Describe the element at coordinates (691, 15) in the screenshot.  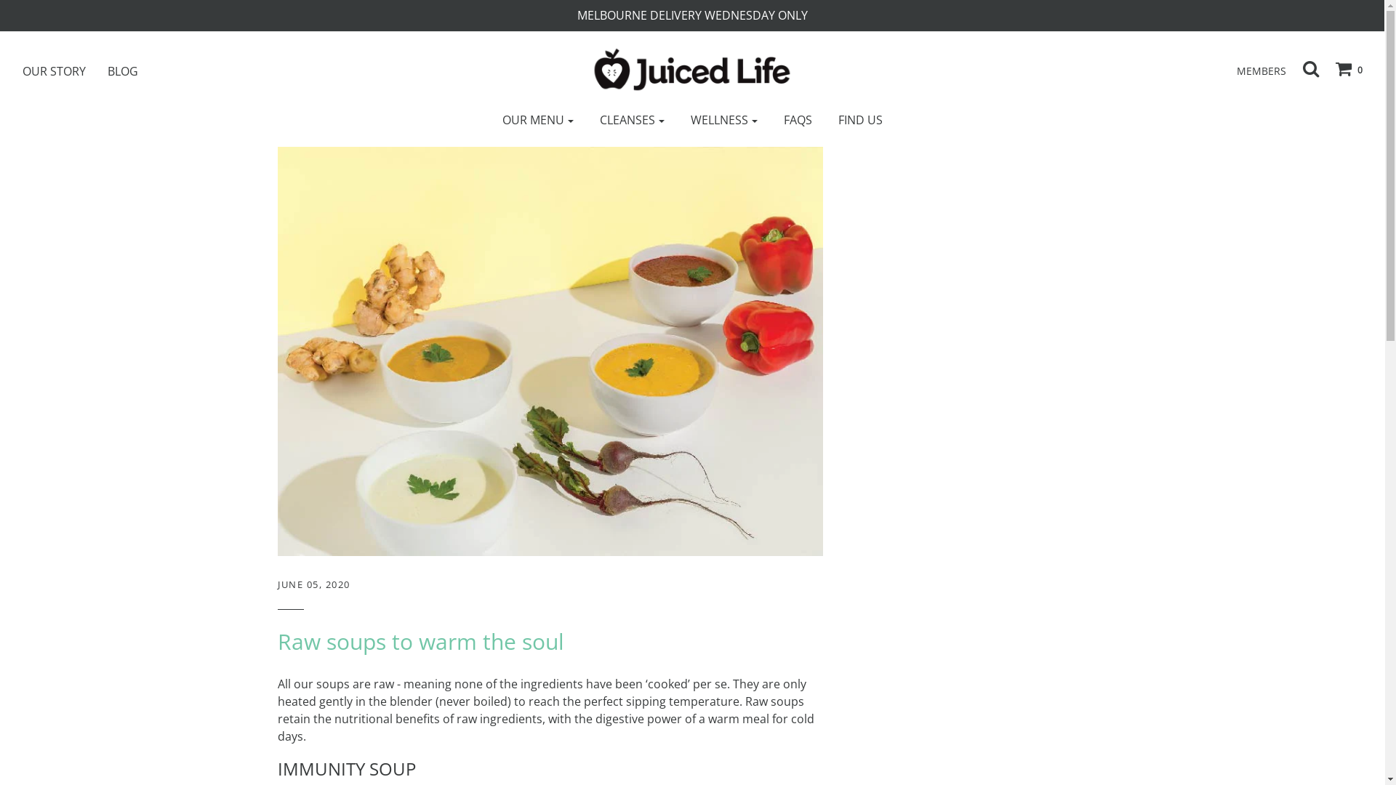
I see `'MELBOURNE DELIVERY WEDNESDAY ONLY'` at that location.